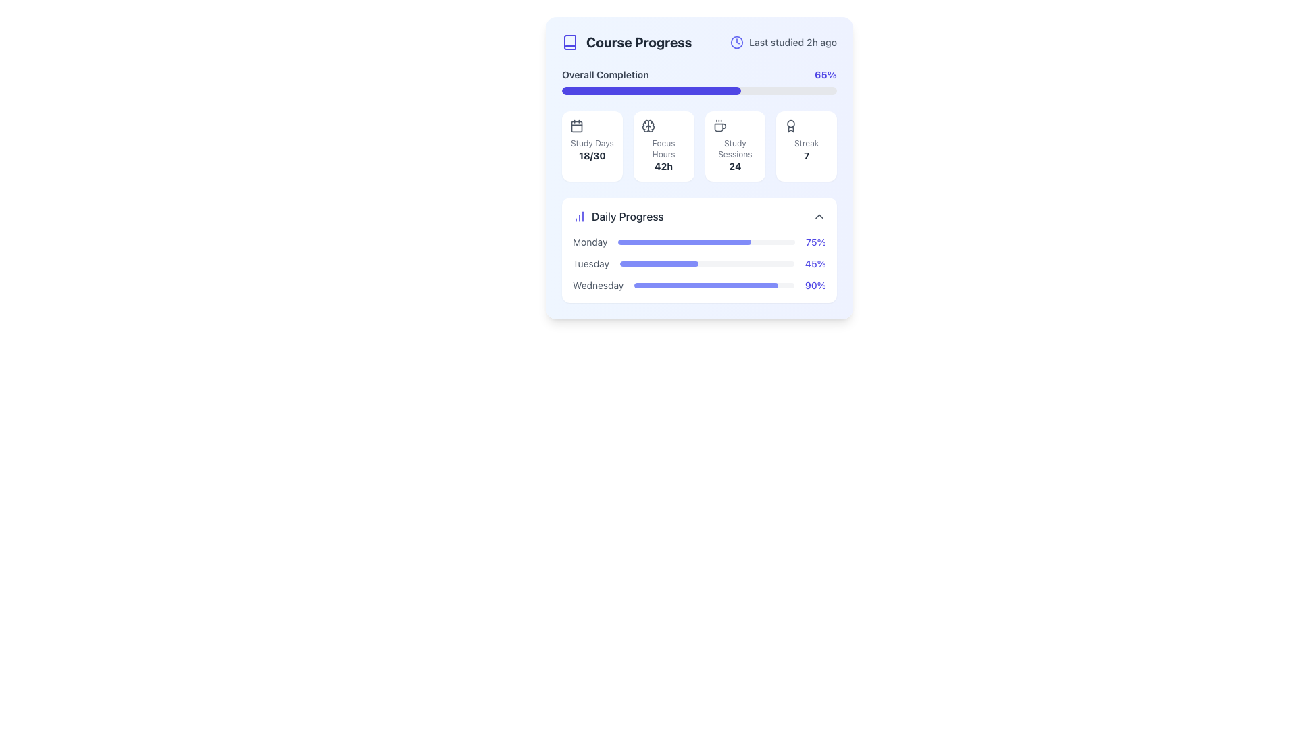  What do you see at coordinates (736, 41) in the screenshot?
I see `the circular outline of the clock icon located in the top right corner of the 'Course Progress' card, near the text 'Last studied 2h ago'` at bounding box center [736, 41].